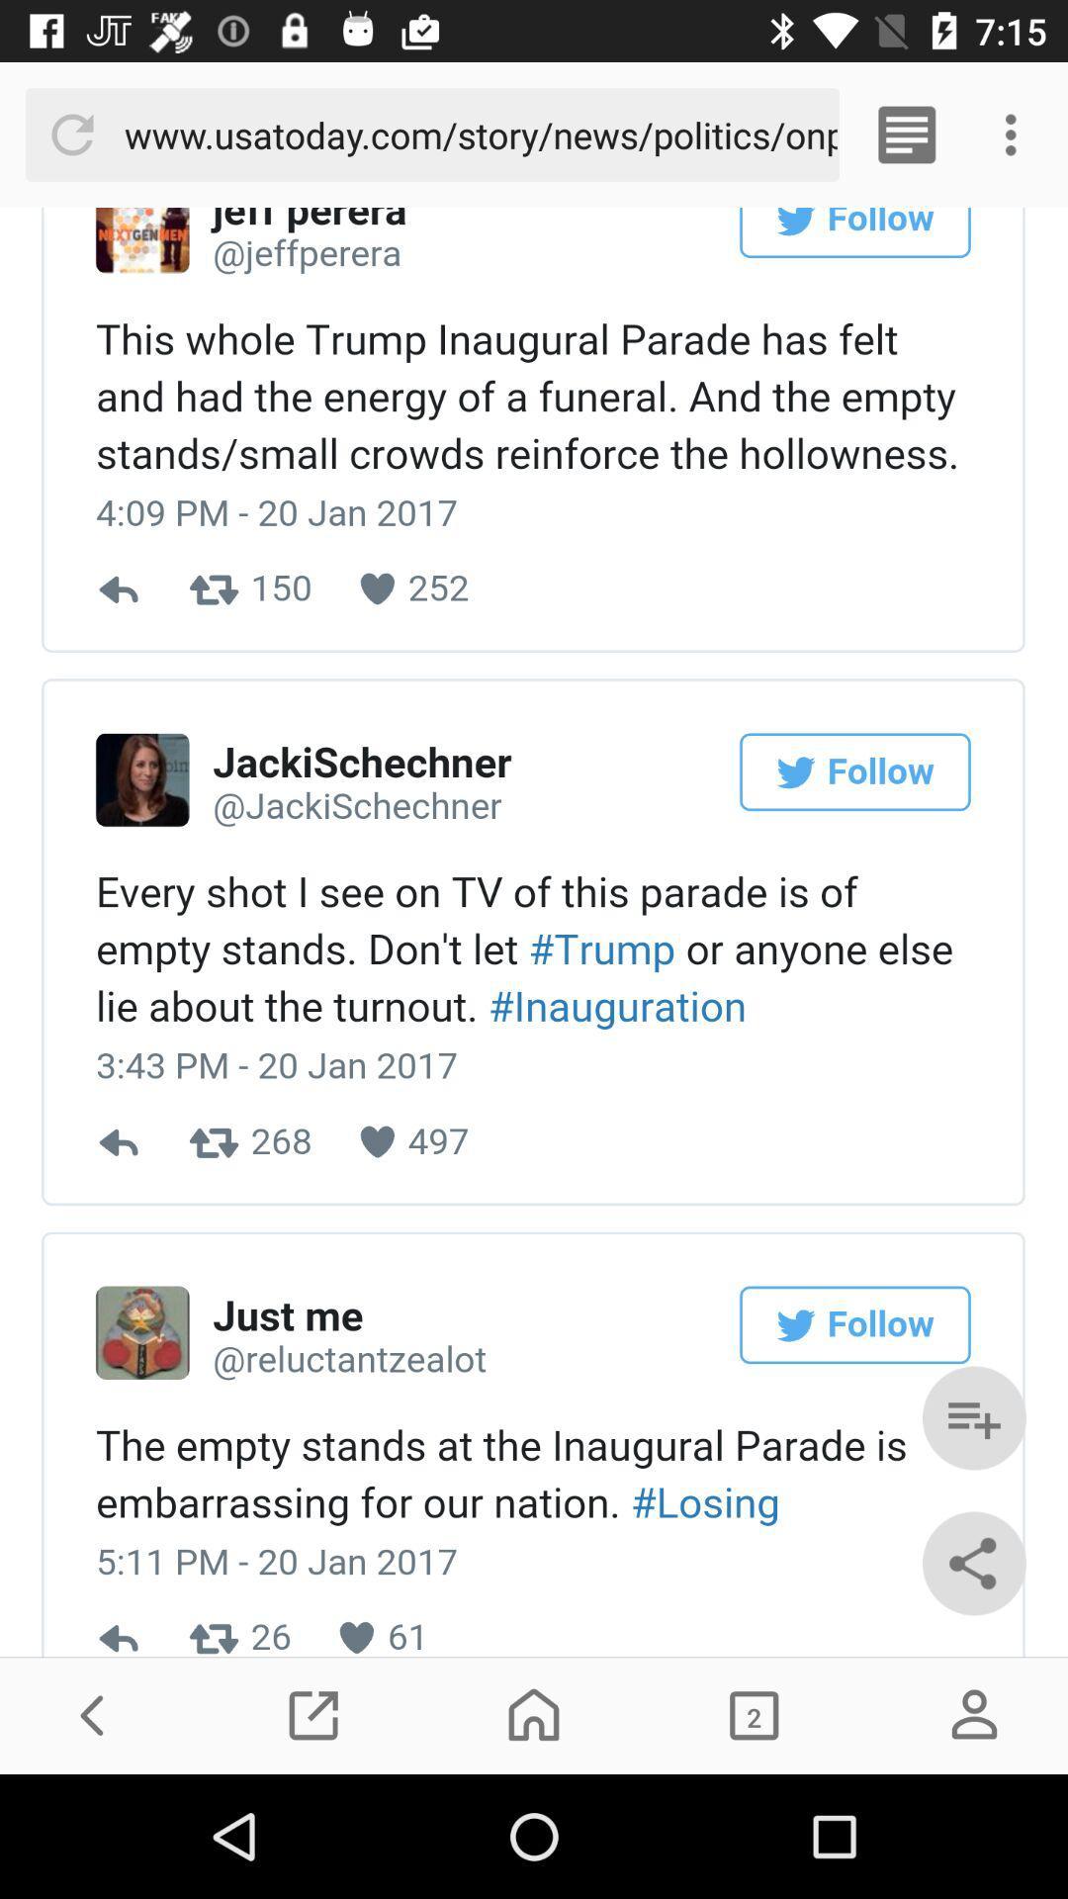  What do you see at coordinates (534, 1714) in the screenshot?
I see `the home icon` at bounding box center [534, 1714].